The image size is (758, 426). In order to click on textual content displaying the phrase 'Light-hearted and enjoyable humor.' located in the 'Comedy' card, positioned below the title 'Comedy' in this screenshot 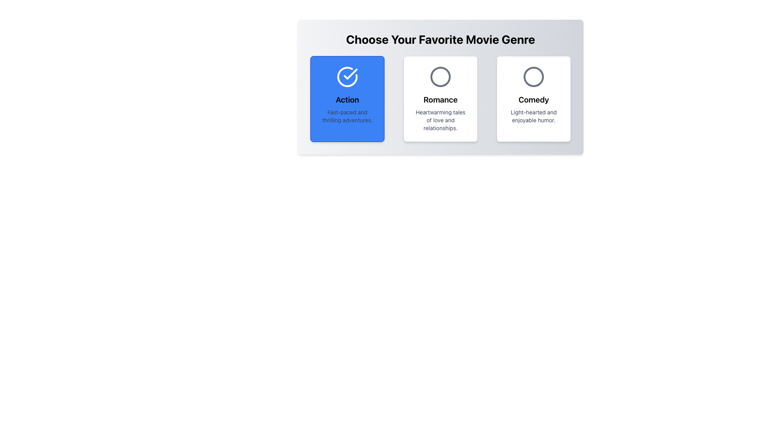, I will do `click(534, 116)`.